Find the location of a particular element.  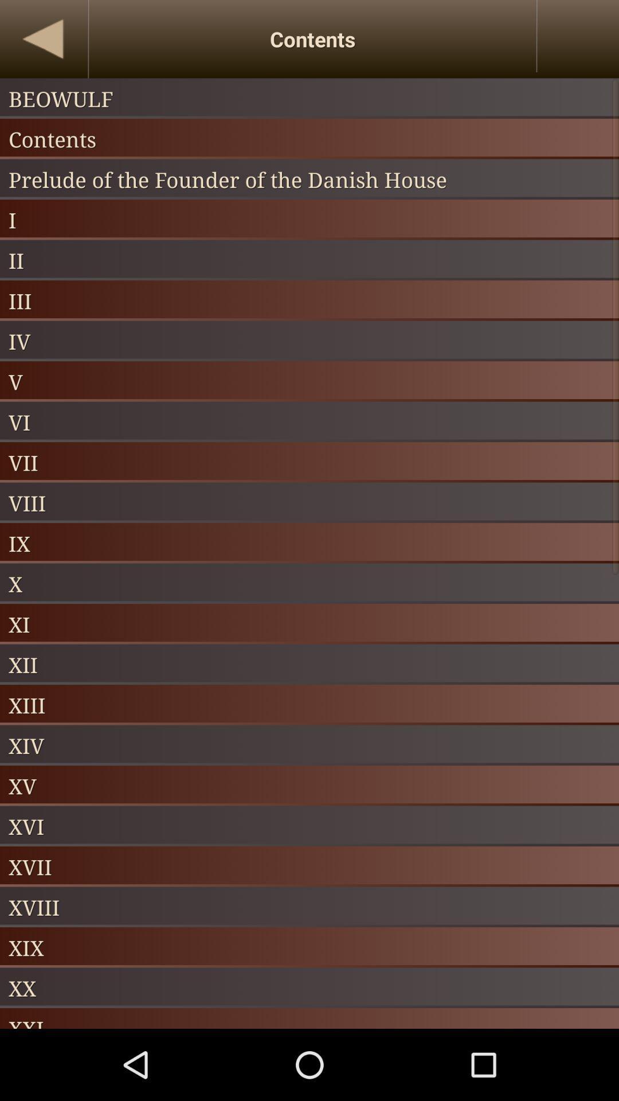

the app below the xv is located at coordinates (309, 826).